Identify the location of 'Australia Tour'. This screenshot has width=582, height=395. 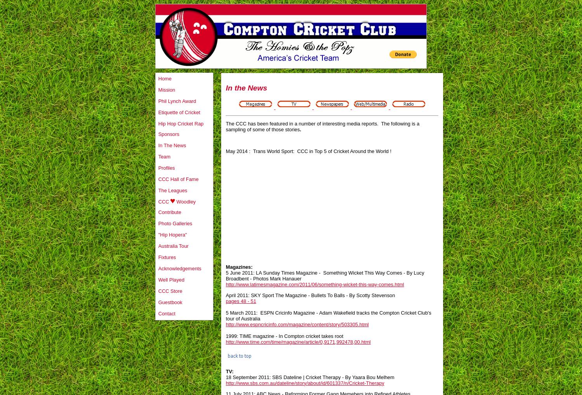
(173, 246).